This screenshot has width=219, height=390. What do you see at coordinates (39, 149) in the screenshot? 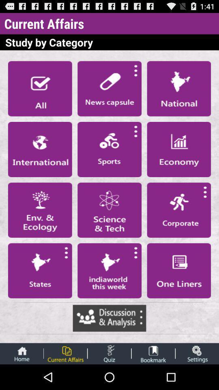
I see `article section` at bounding box center [39, 149].